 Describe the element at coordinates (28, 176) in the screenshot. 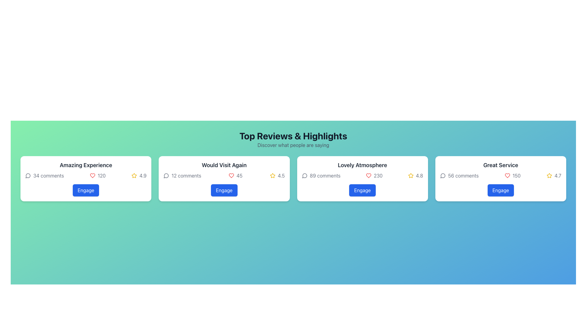

I see `the speech bubble icon located in the 'Amazing Experience' section, which is positioned to the left of the number 34, indicating comments` at that location.